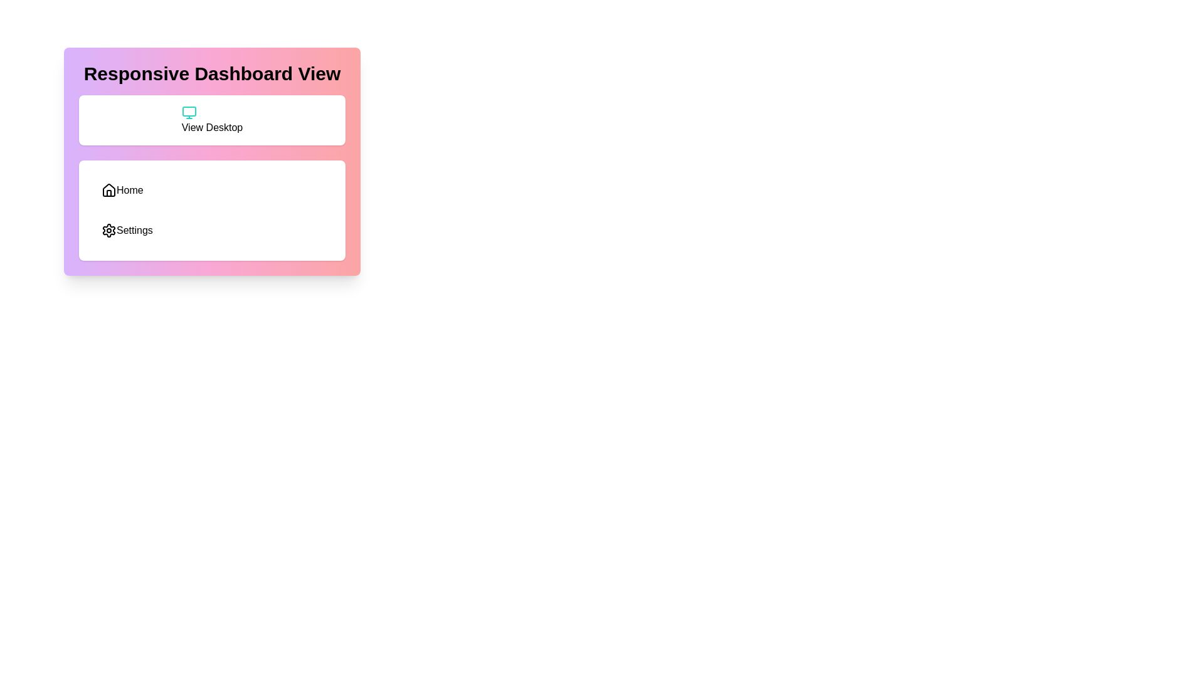 This screenshot has width=1204, height=677. I want to click on the 'Home' section of the navigation card located in the lower part of the 'Responsive Dashboard View', so click(212, 209).